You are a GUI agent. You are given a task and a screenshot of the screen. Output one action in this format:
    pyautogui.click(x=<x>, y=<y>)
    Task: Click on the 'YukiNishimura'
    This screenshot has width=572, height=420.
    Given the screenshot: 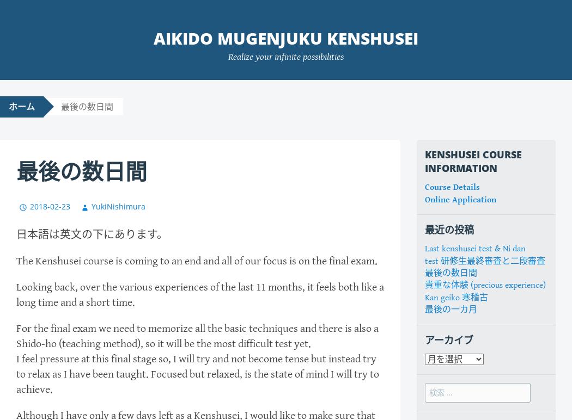 What is the action you would take?
    pyautogui.click(x=118, y=205)
    